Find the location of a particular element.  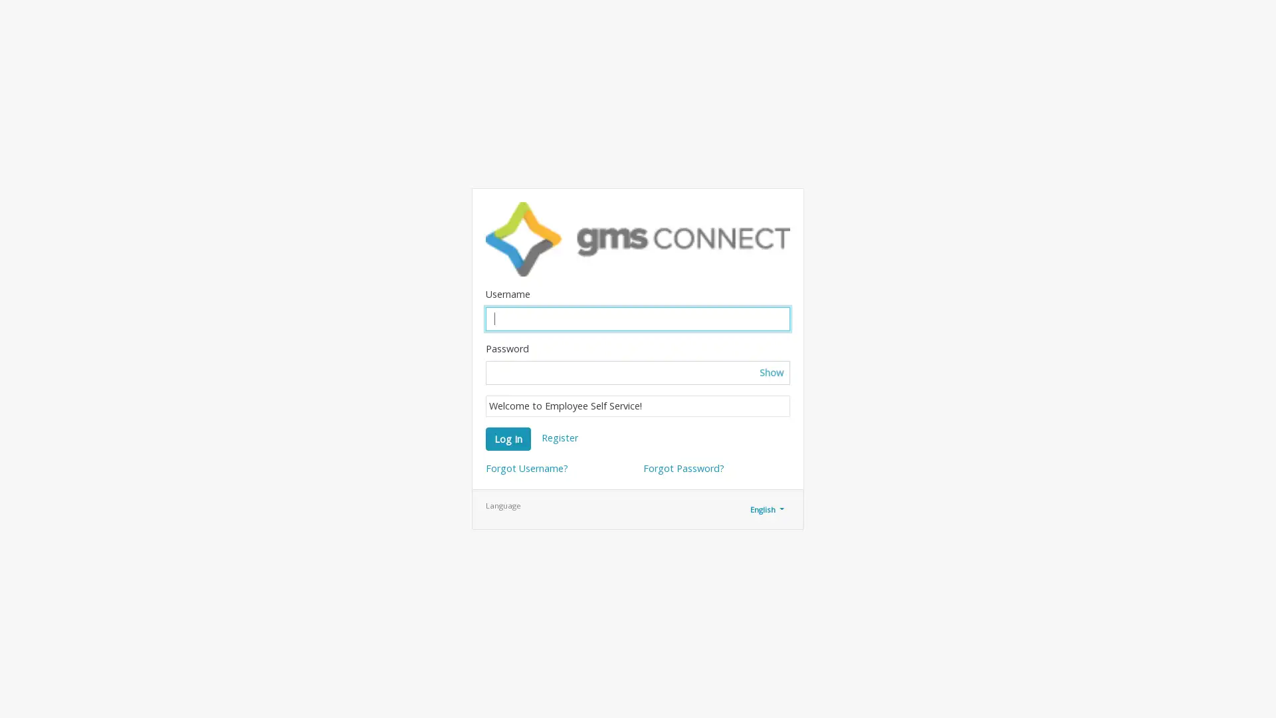

English is located at coordinates (767, 509).